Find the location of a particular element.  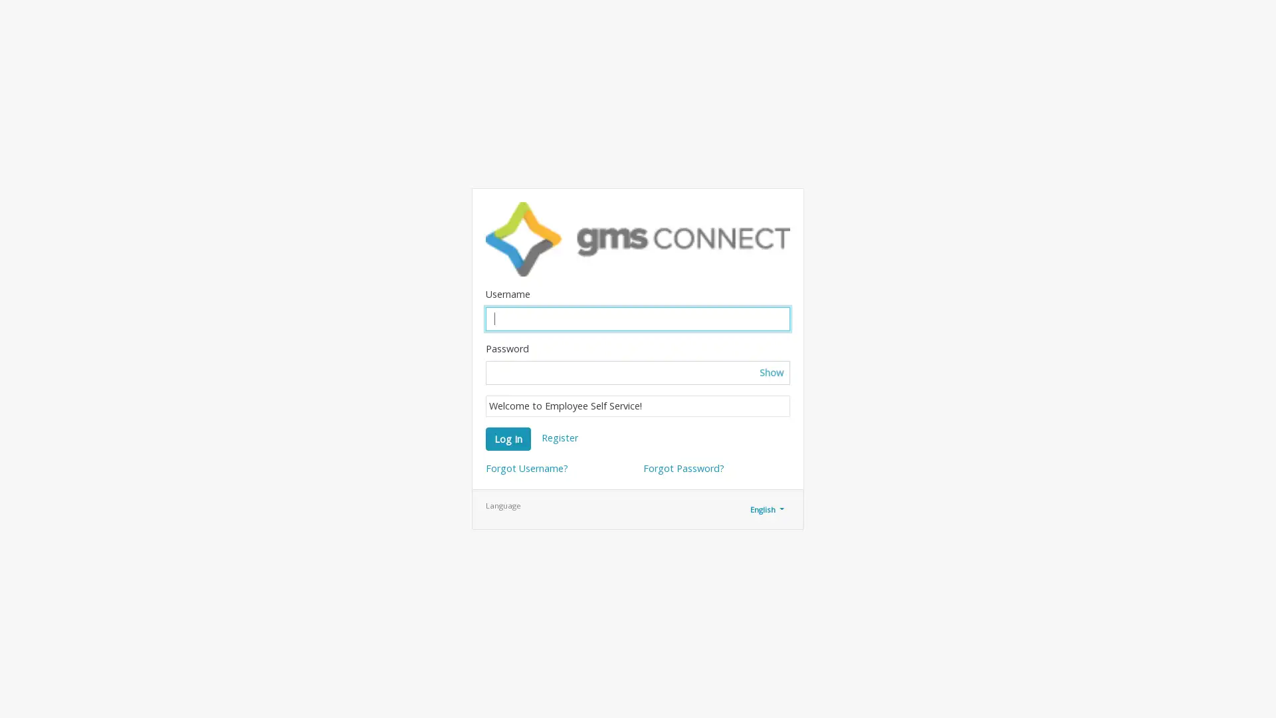

English is located at coordinates (767, 509).